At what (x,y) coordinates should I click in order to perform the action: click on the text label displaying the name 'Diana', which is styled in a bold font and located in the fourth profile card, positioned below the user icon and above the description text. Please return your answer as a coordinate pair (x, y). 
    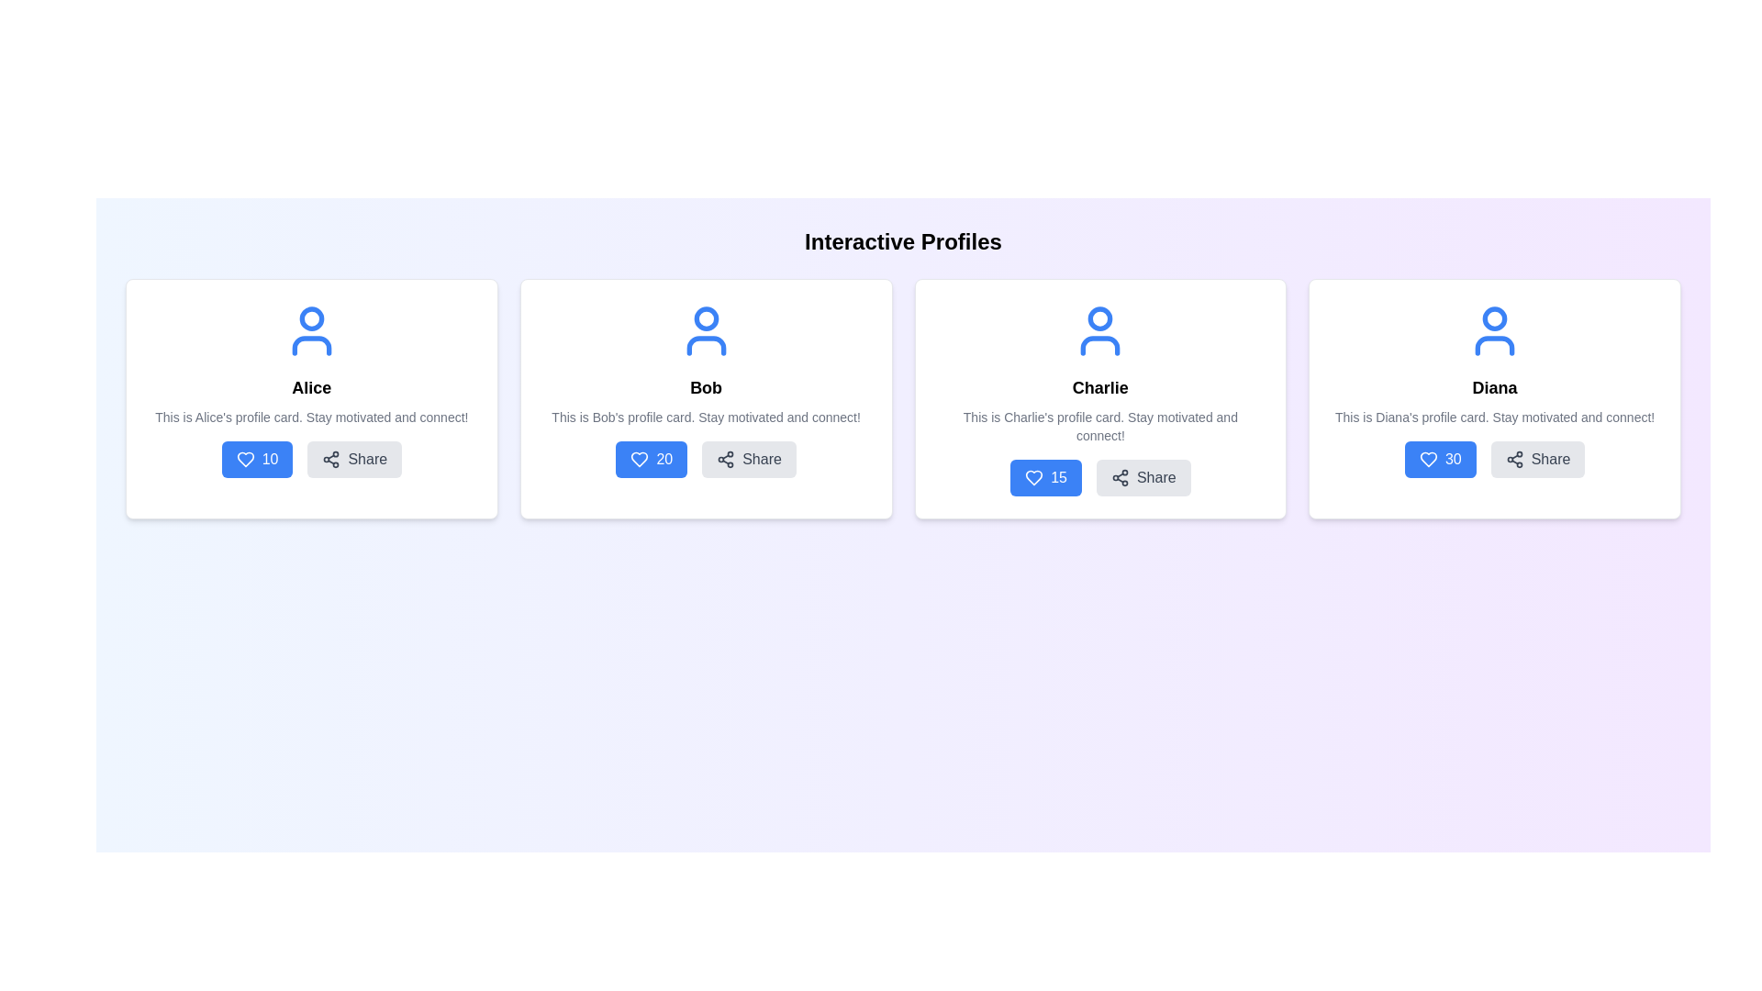
    Looking at the image, I should click on (1495, 387).